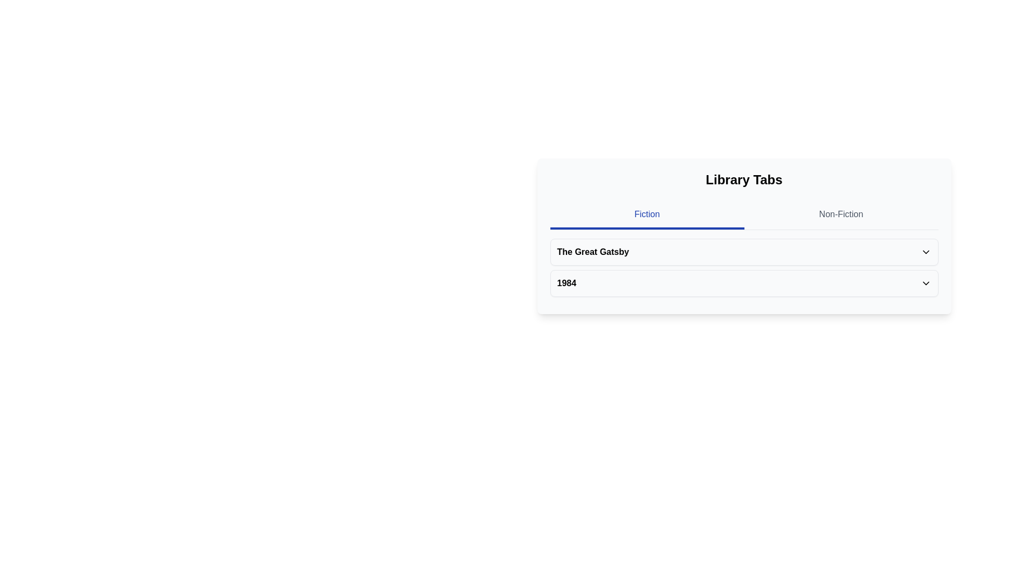 This screenshot has width=1035, height=582. What do you see at coordinates (647, 216) in the screenshot?
I see `the 'Fiction' tab to alter its visual state, which is located on the left of a two-tab layout` at bounding box center [647, 216].